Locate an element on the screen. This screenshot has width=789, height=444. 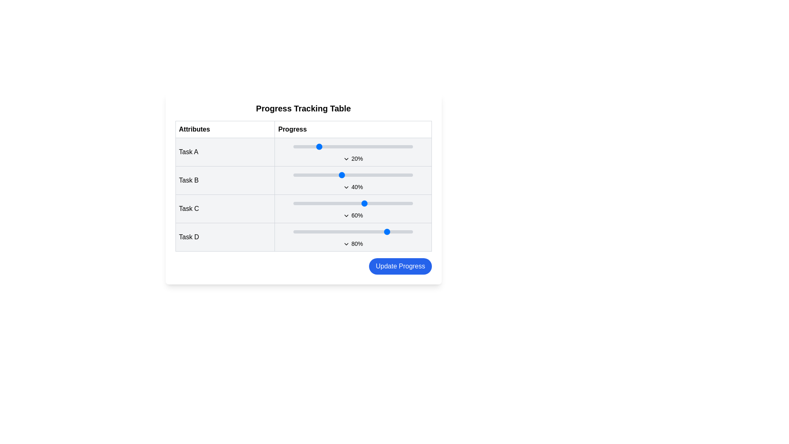
progress value is located at coordinates (335, 146).